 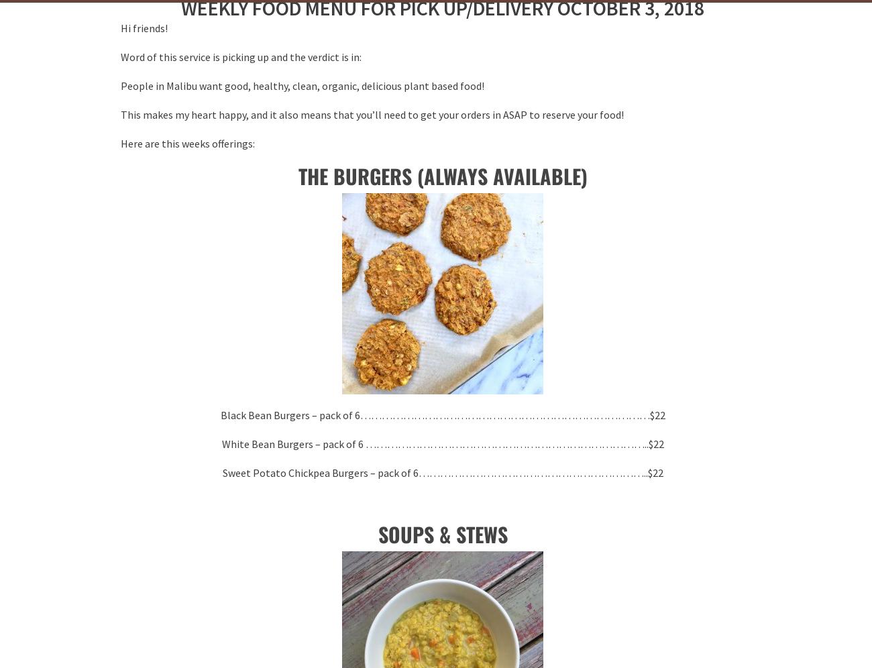 What do you see at coordinates (441, 176) in the screenshot?
I see `'The Burgers (always available)'` at bounding box center [441, 176].